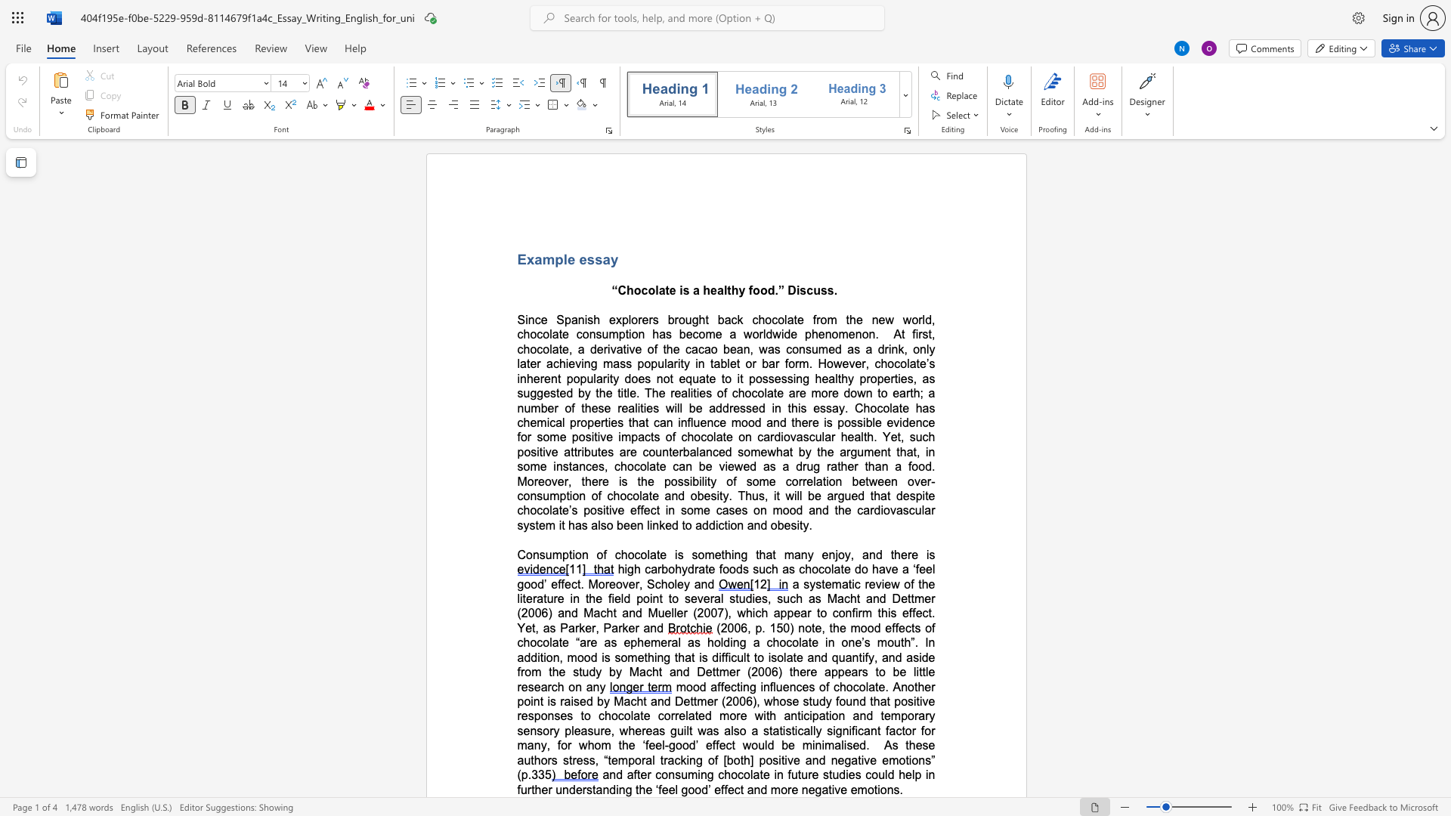 Image resolution: width=1451 pixels, height=816 pixels. Describe the element at coordinates (648, 290) in the screenshot. I see `the subset text "olate is a" within the text "“Chocolate is a healthy food.” Discuss."` at that location.